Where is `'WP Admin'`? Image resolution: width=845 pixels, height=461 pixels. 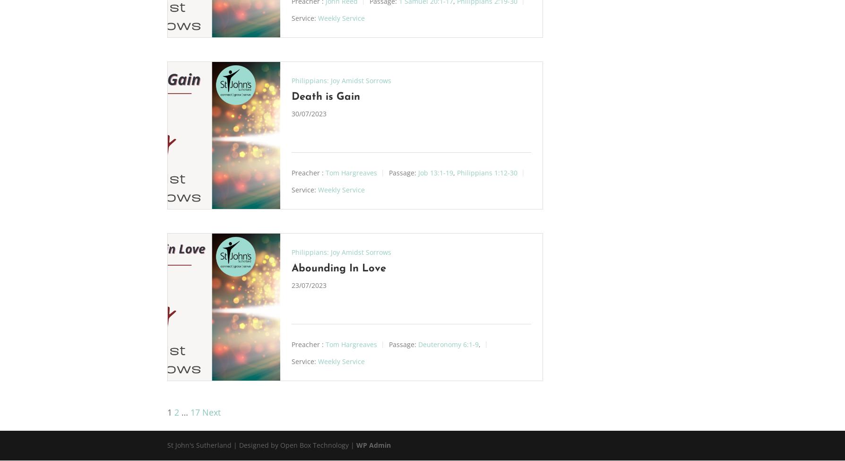 'WP Admin' is located at coordinates (373, 444).